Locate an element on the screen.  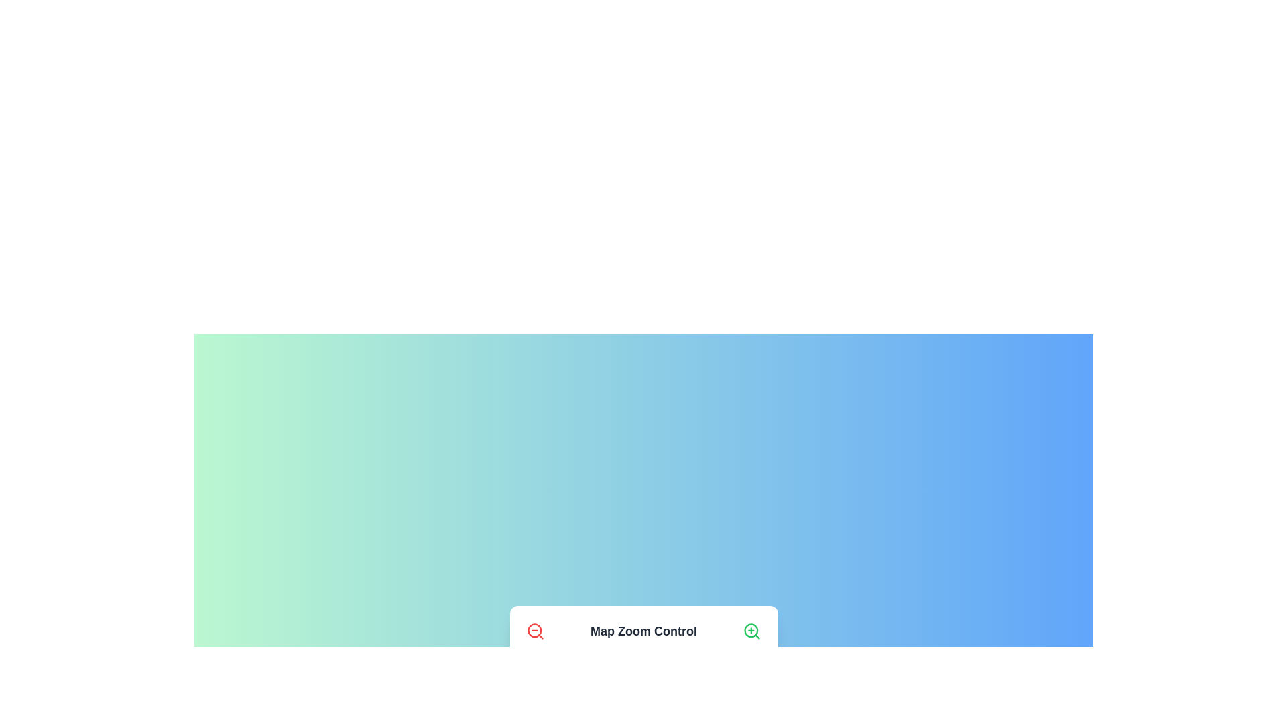
the zoom level to 2 using the slider is located at coordinates (552, 678).